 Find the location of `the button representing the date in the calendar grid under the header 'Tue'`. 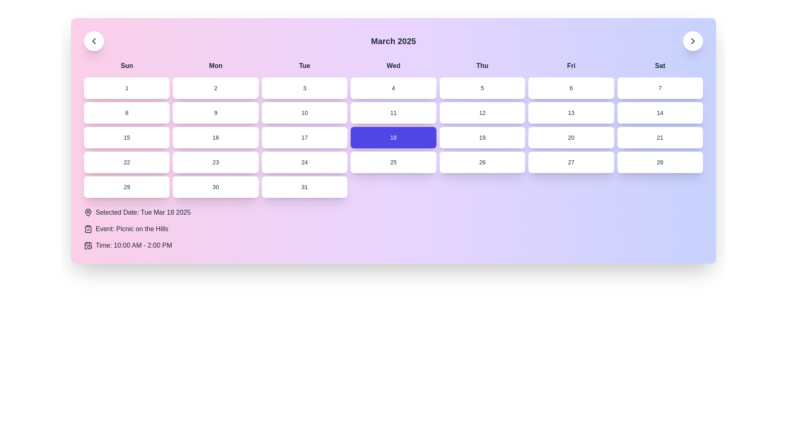

the button representing the date in the calendar grid under the header 'Tue' is located at coordinates (304, 88).